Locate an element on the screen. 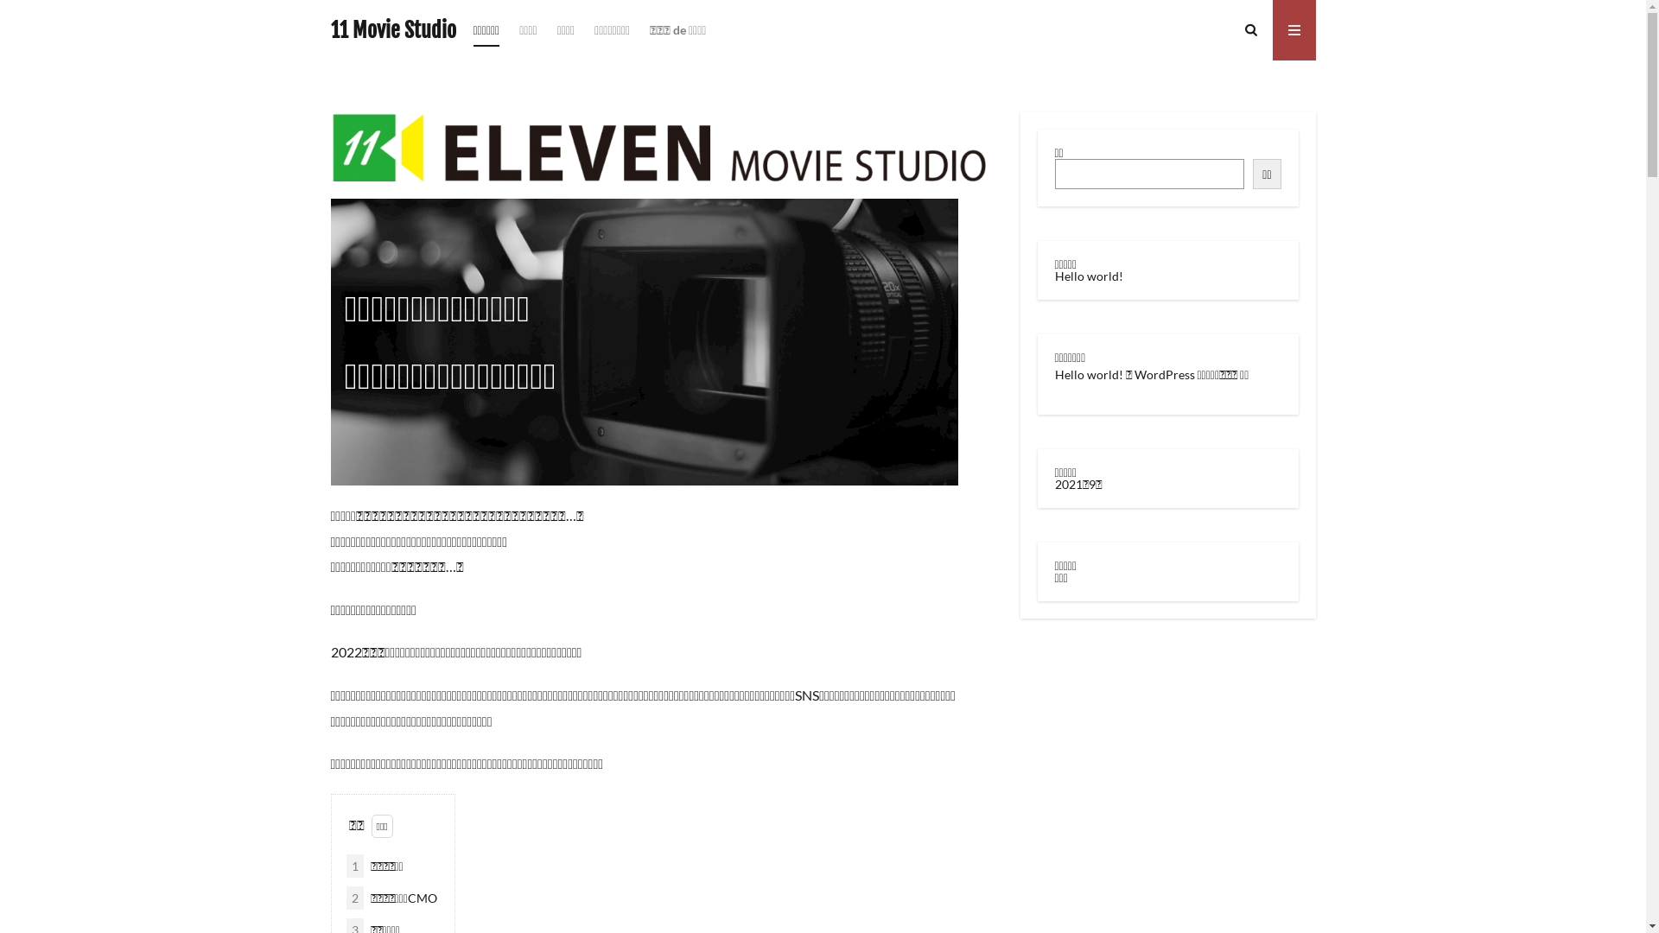  'Hello world!' is located at coordinates (1087, 275).